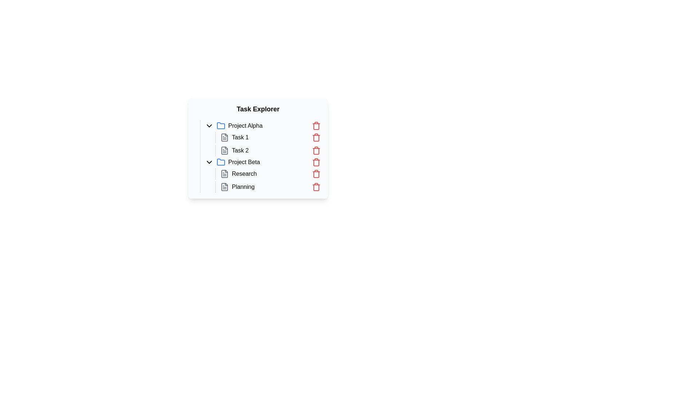 This screenshot has height=393, width=699. Describe the element at coordinates (243, 186) in the screenshot. I see `the 'Planning' label in the 'Task Explorer' panel` at that location.